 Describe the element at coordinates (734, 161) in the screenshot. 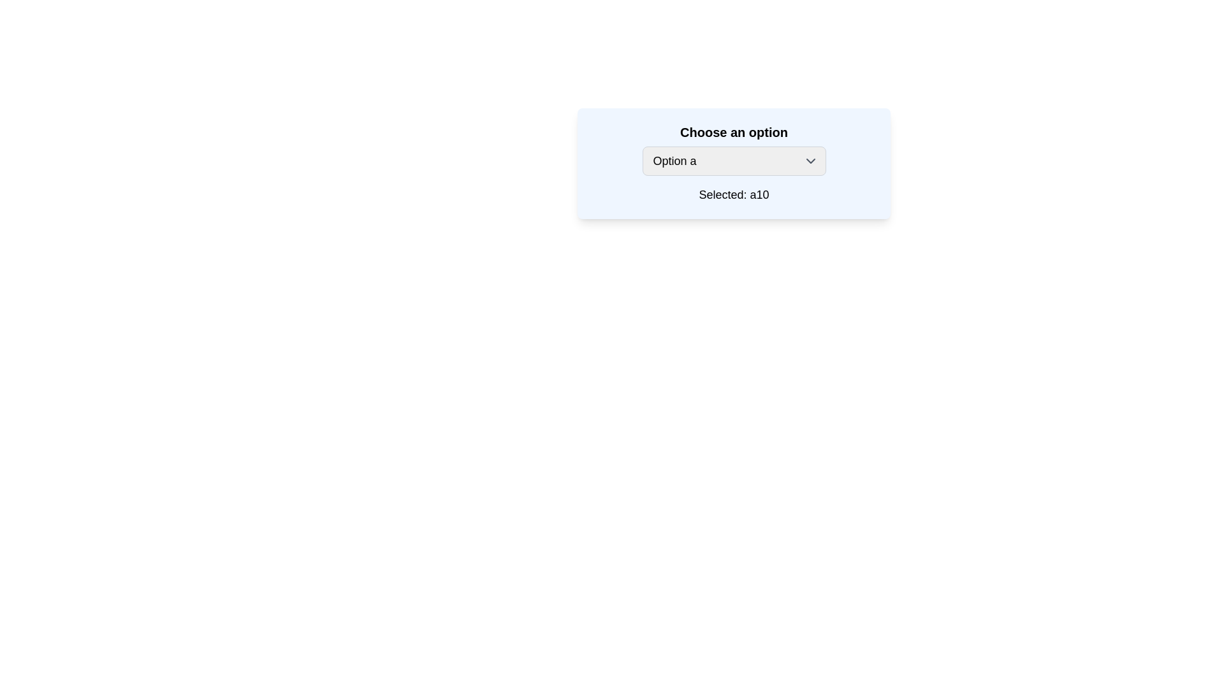

I see `the dropdown menu located beneath the 'Choose an option' title` at that location.